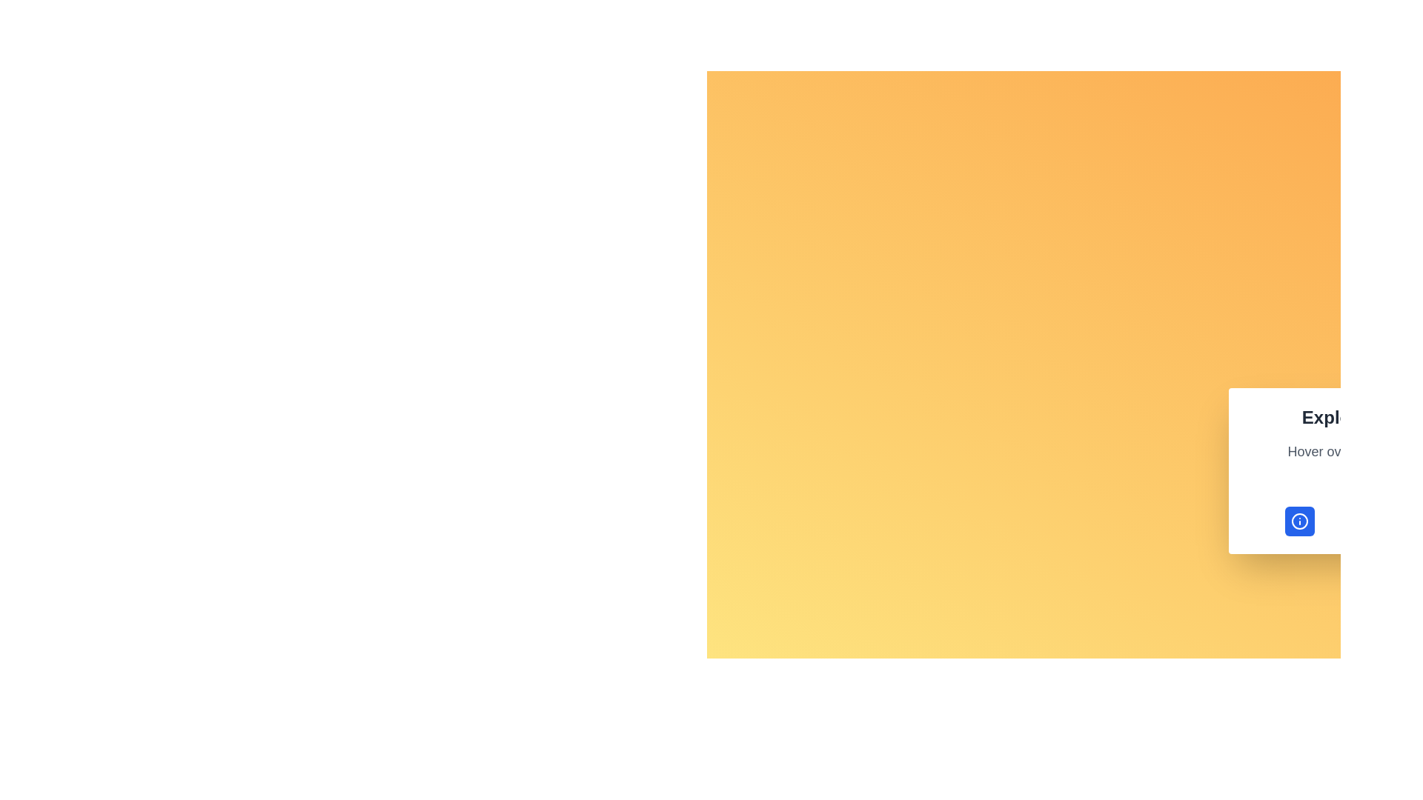 The width and height of the screenshot is (1423, 800). Describe the element at coordinates (1298, 521) in the screenshot. I see `the blue circular button with a white information icon for keyboard navigation` at that location.